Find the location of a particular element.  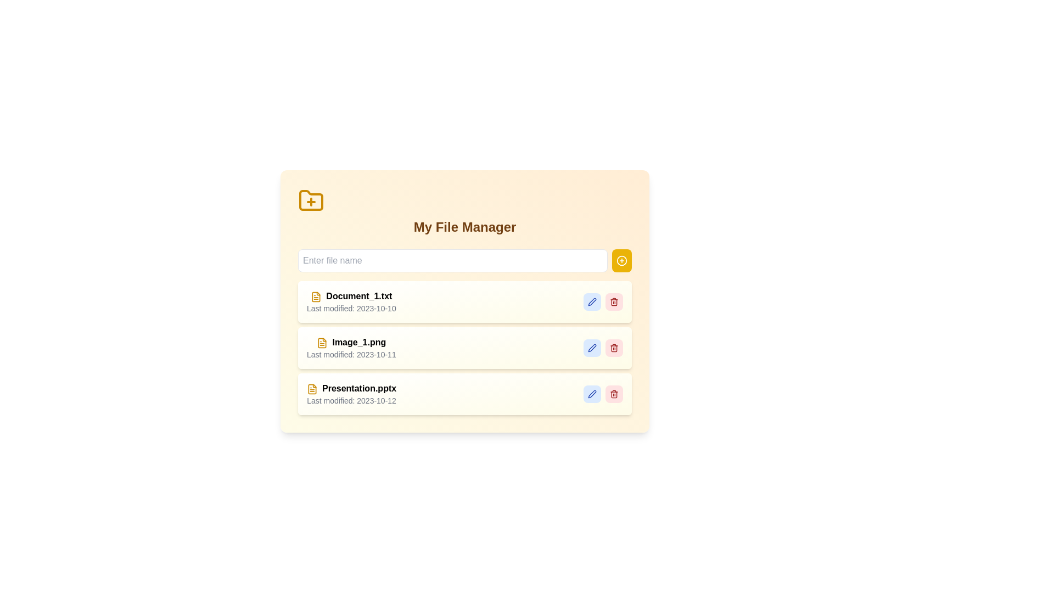

the blue rounded rectangular button with a pen icon to initiate the edit action, located to the right of 'Document_1.txt' is located at coordinates (592, 302).